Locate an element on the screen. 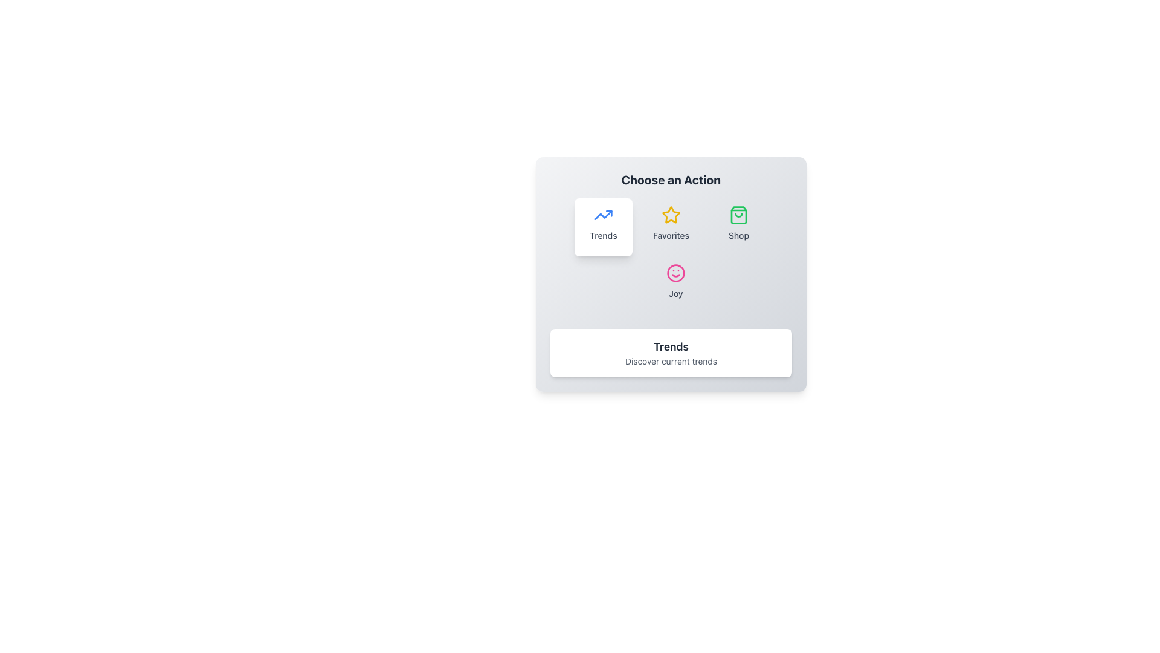  the interactive 'Favorites' button, which features a bright yellow star icon above the text 'Favorites' is located at coordinates (670, 227).